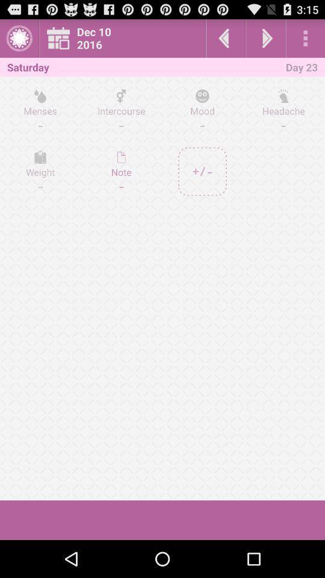 The image size is (325, 578). Describe the element at coordinates (40, 171) in the screenshot. I see `the icon to the left of intercourse` at that location.